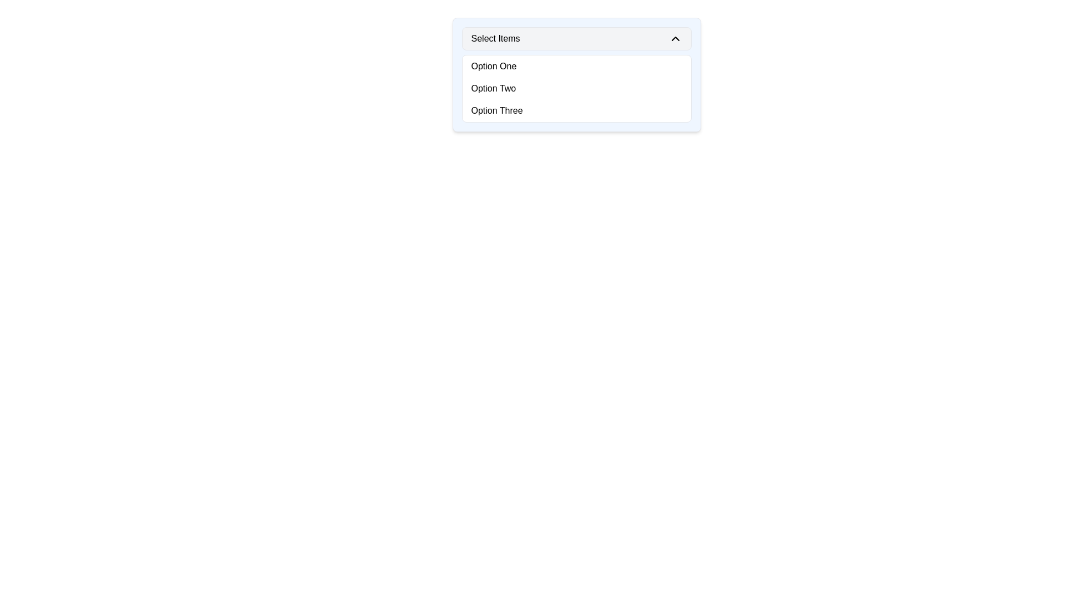 The height and width of the screenshot is (599, 1065). Describe the element at coordinates (495, 38) in the screenshot. I see `the 'Select Items' text label located in the dropdown menu header section` at that location.